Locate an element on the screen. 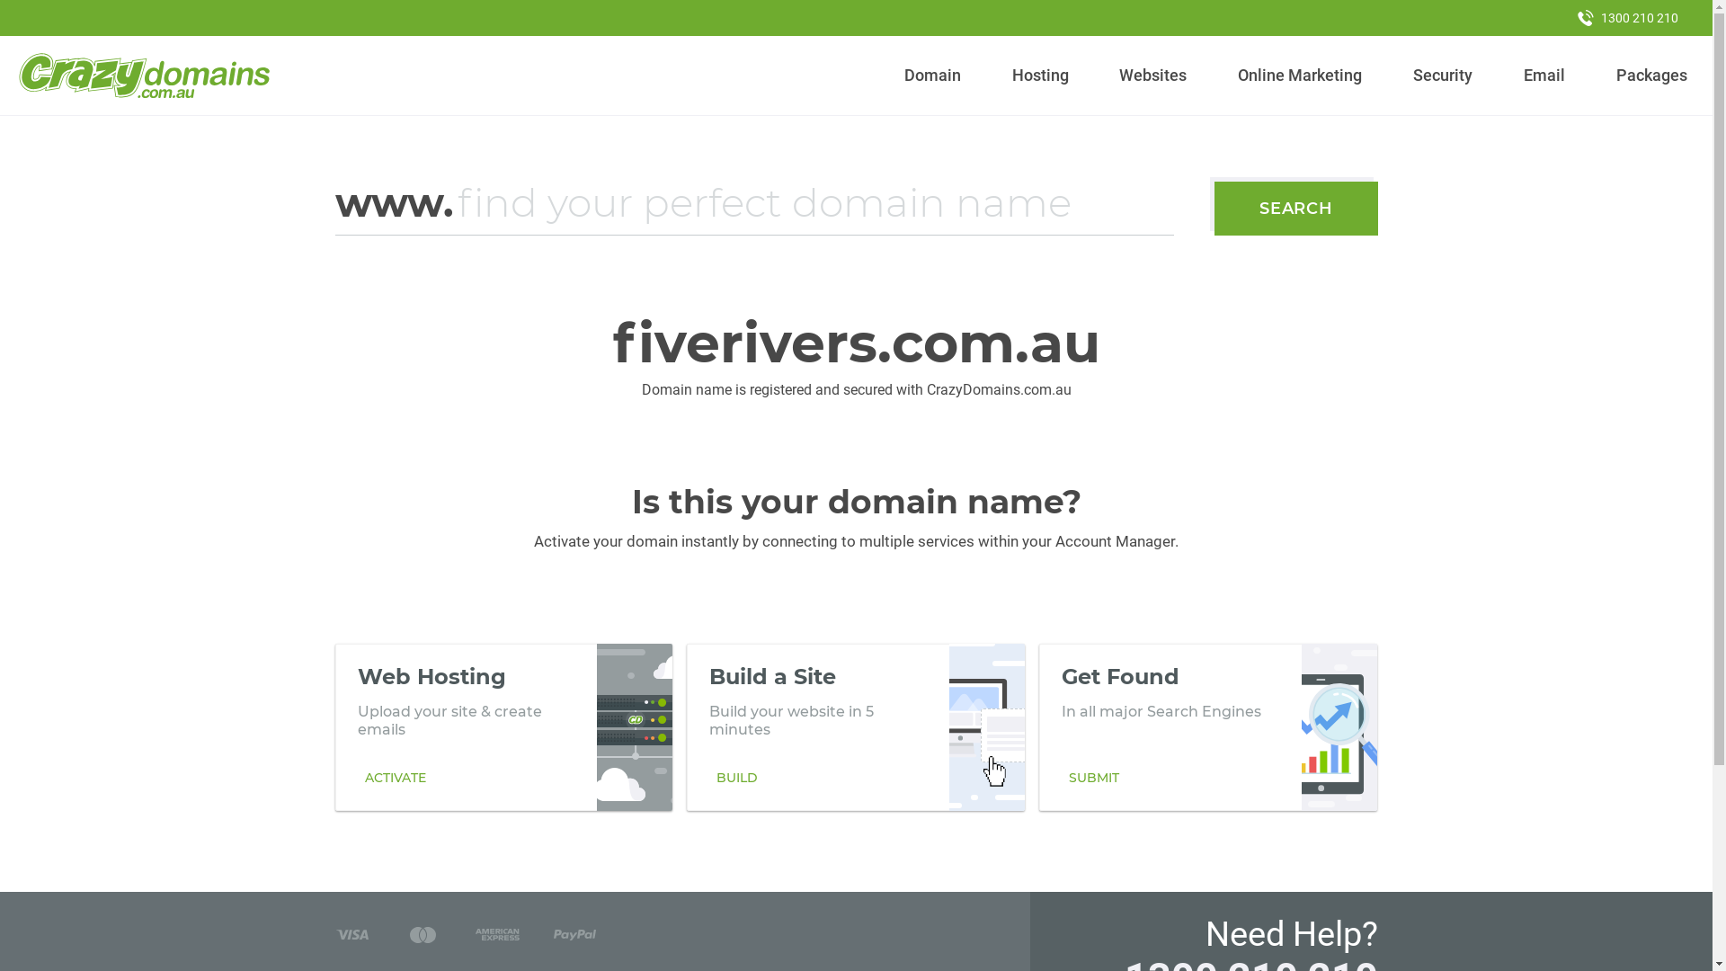  'Online Marketing' is located at coordinates (1300, 75).